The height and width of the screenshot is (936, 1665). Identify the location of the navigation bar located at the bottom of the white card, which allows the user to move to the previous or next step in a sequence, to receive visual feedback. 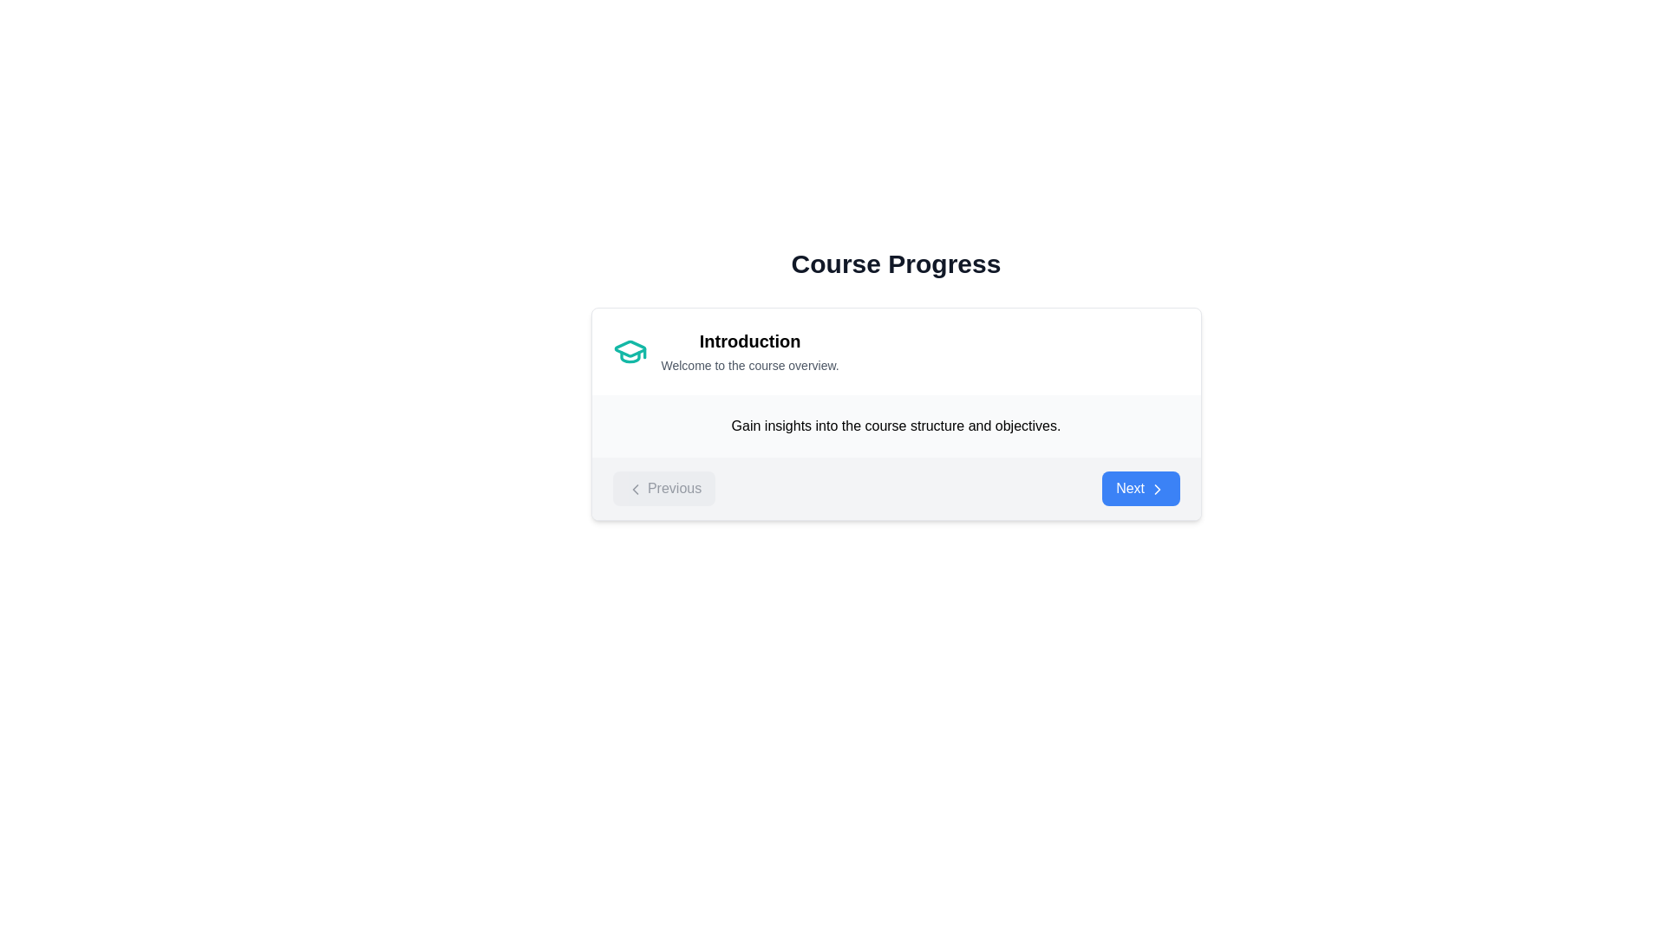
(896, 488).